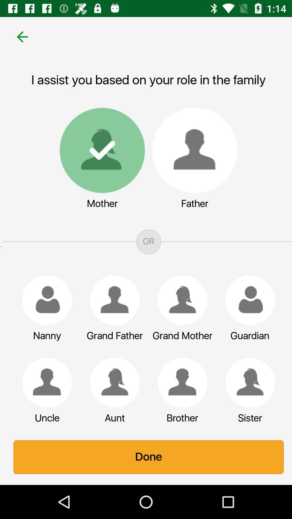  I want to click on done, so click(146, 457).